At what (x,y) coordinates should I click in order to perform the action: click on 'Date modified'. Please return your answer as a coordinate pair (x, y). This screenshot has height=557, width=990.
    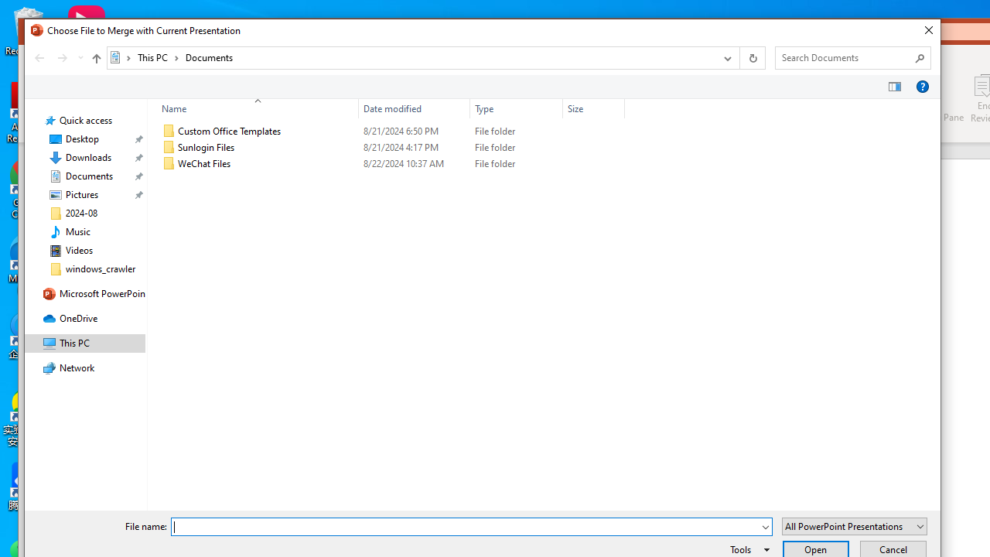
    Looking at the image, I should click on (414, 108).